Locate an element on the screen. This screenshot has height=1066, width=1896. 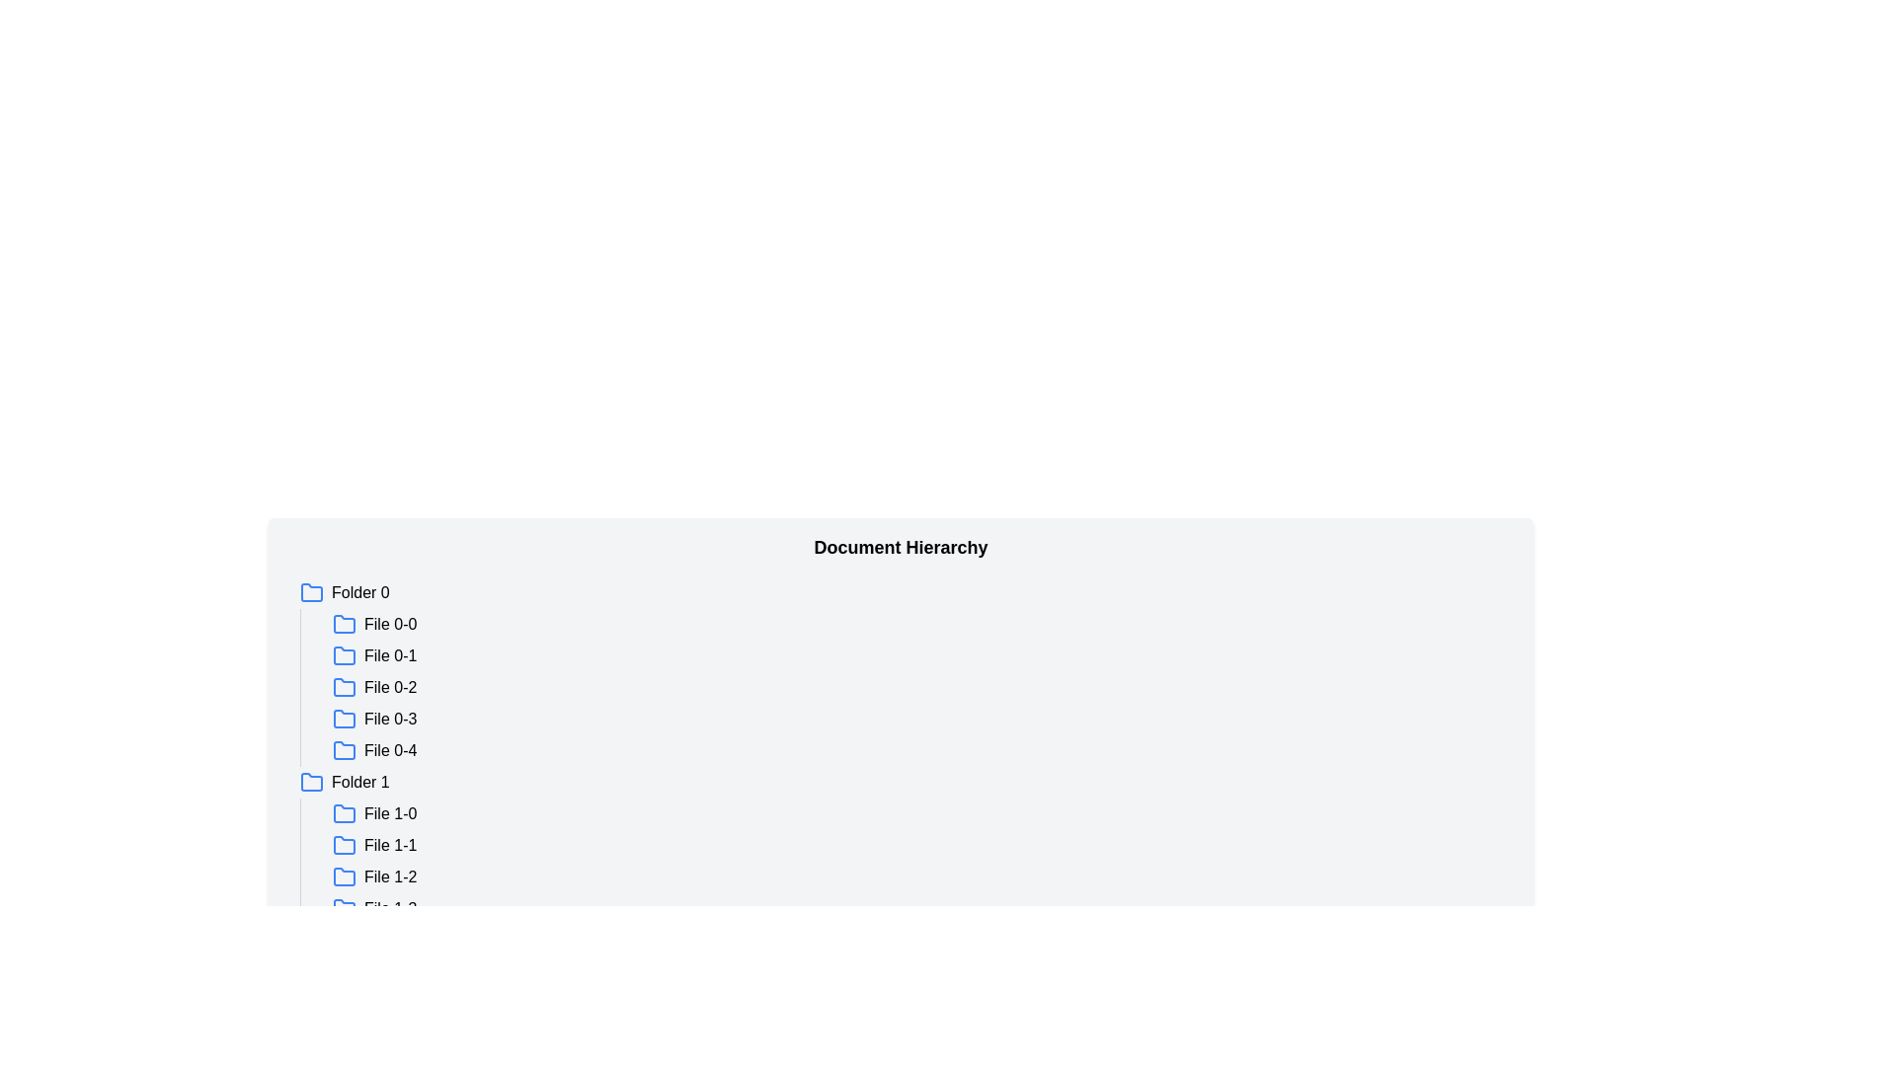
the folder icon labeled 'File 1-2' is located at coordinates (345, 875).